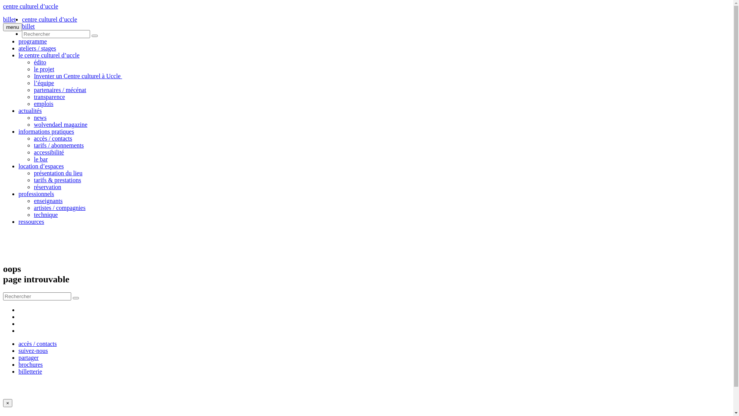  Describe the element at coordinates (30, 364) in the screenshot. I see `'brochures'` at that location.